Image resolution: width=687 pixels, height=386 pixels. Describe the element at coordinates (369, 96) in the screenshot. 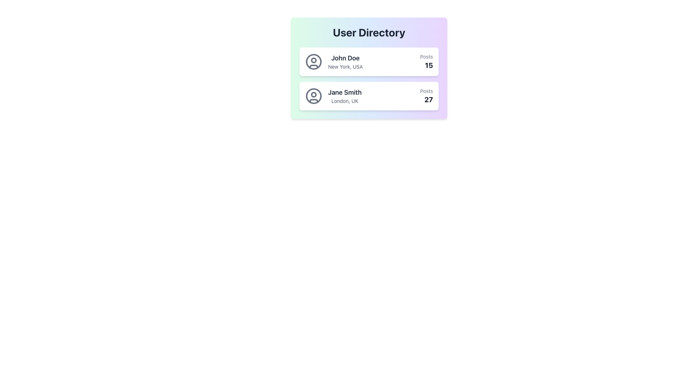

I see `the user card component displaying 'Jane Smith' in the 'User Directory' section` at that location.